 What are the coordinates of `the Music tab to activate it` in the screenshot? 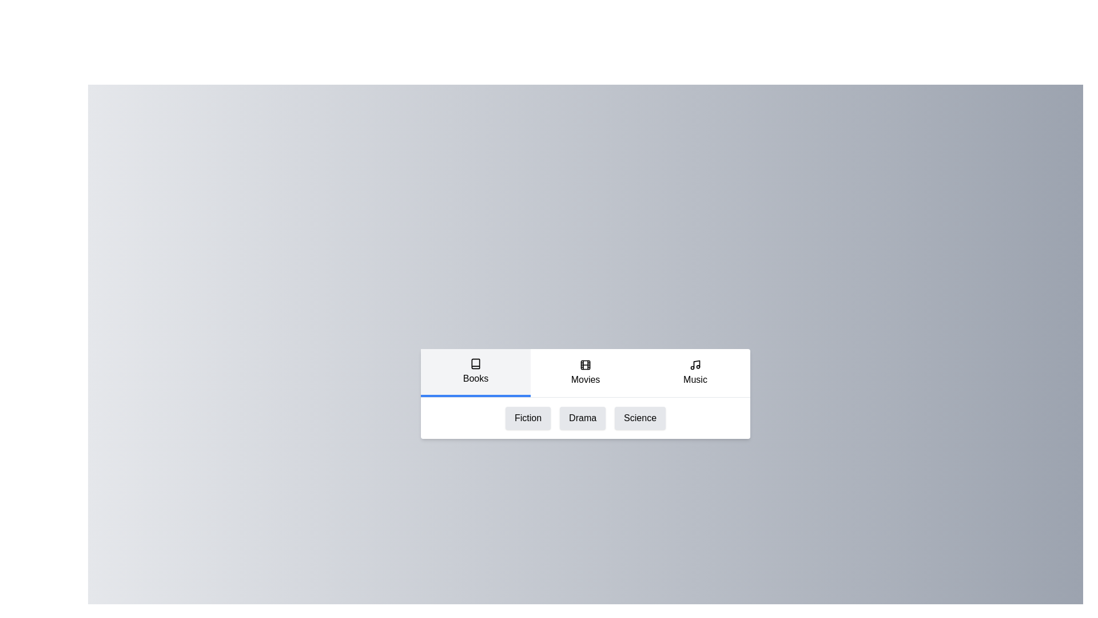 It's located at (694, 373).